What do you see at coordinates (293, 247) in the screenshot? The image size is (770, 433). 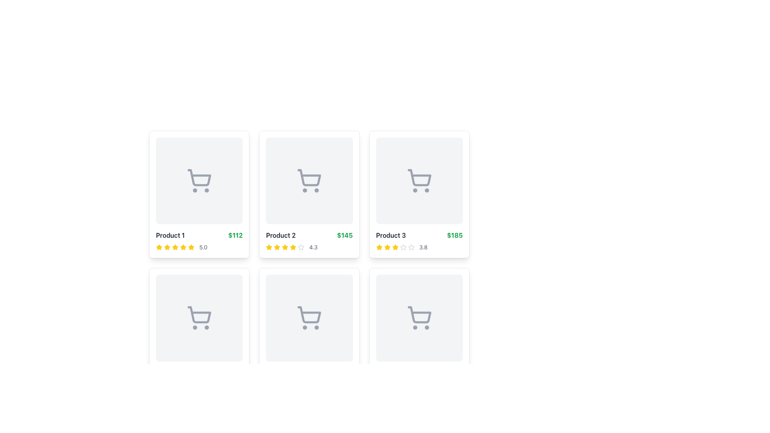 I see `the fifth yellow star icon in the rating system for the second product, positioned between the fourth and sixth stars, to trigger its functionality if available` at bounding box center [293, 247].